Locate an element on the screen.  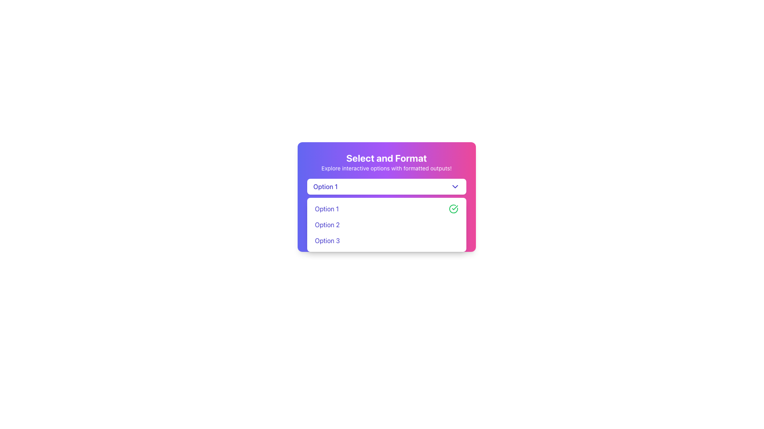
the 'Option 2' text label within the dropdown menu is located at coordinates (327, 225).